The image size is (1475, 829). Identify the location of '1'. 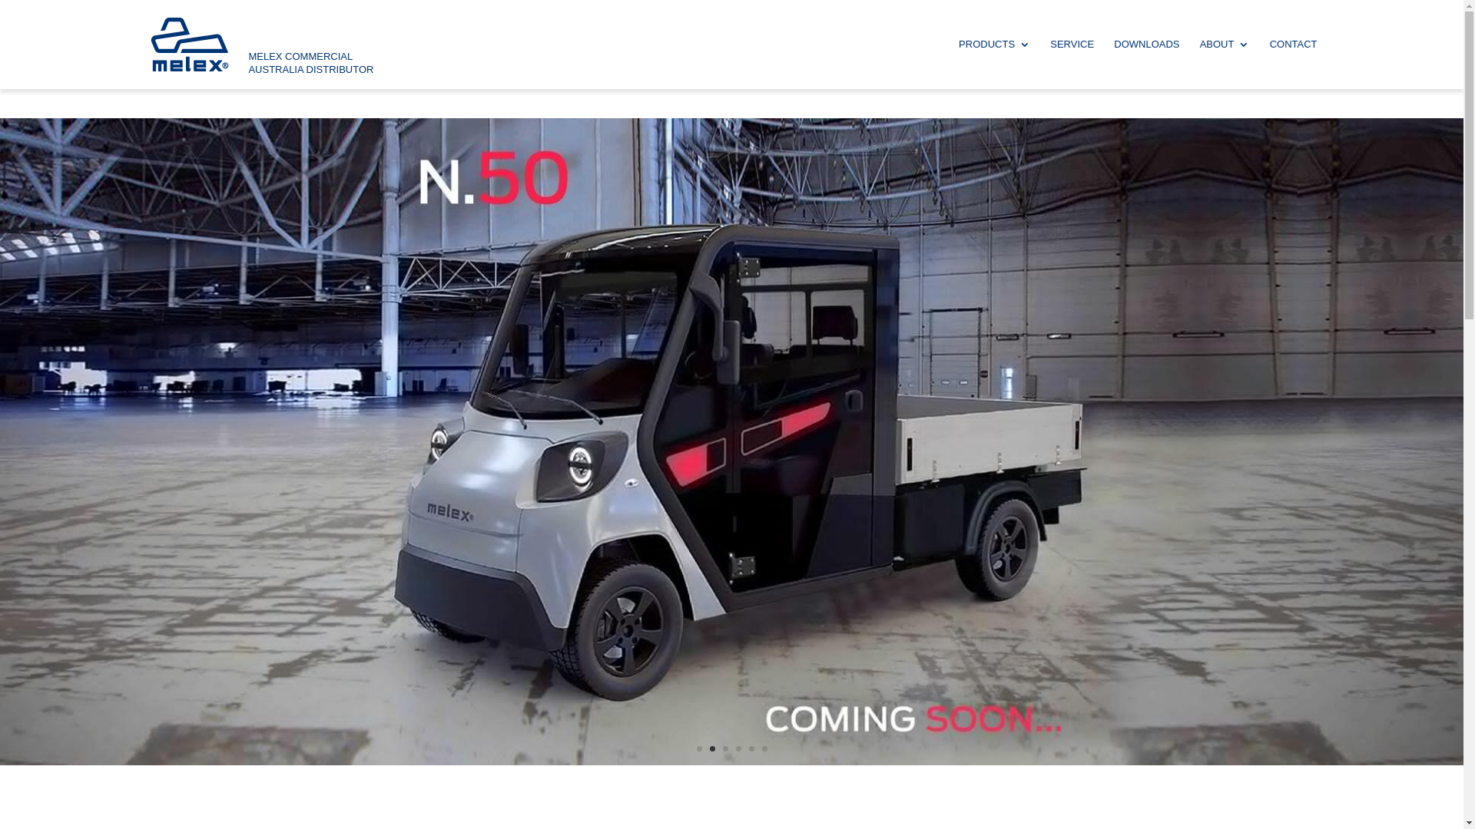
(698, 748).